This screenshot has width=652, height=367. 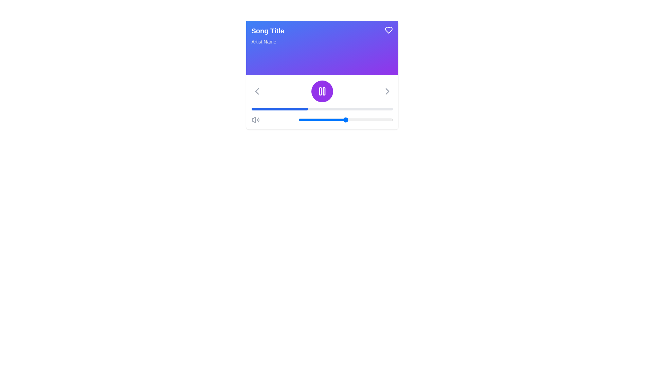 What do you see at coordinates (322, 91) in the screenshot?
I see `the pause icon, which is a white pause button inside a circular purple button located at the center of the playback control interface` at bounding box center [322, 91].